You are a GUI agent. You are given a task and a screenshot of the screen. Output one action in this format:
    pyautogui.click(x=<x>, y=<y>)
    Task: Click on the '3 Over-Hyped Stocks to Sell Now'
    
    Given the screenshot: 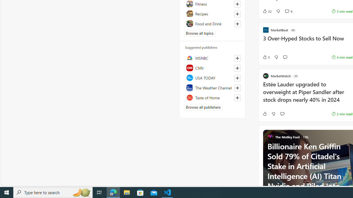 What is the action you would take?
    pyautogui.click(x=307, y=41)
    